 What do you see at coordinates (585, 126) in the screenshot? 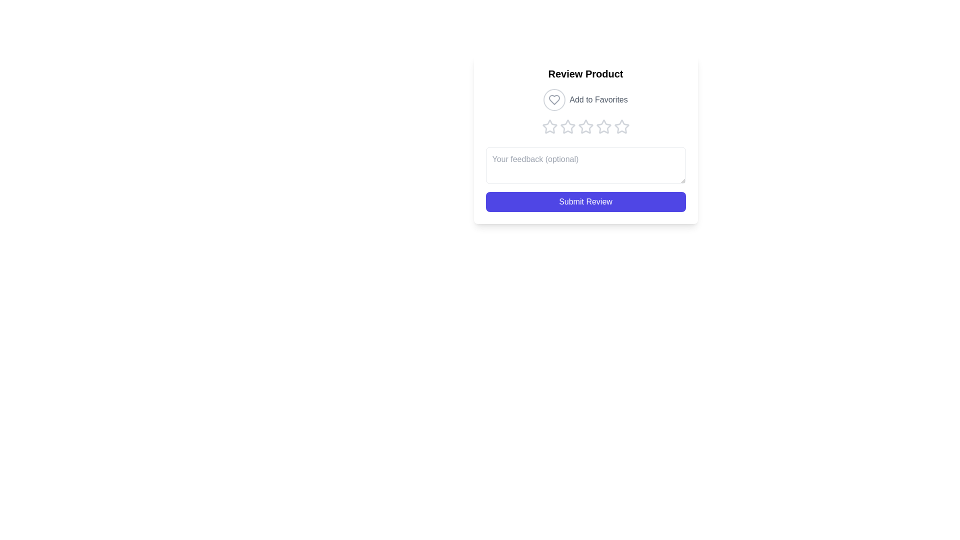
I see `the third star in the 5-star rating system` at bounding box center [585, 126].